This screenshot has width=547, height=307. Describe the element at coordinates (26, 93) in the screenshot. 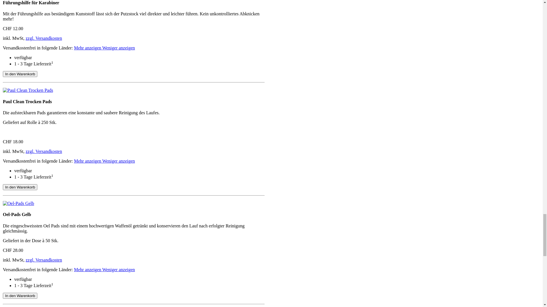

I see `'Verkaufspartner'` at that location.